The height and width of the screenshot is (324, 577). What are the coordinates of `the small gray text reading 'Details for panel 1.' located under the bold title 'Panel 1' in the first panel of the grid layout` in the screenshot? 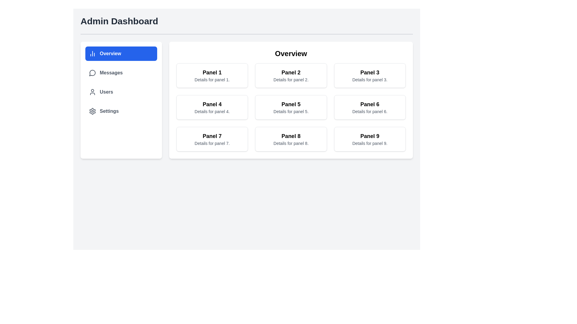 It's located at (212, 79).